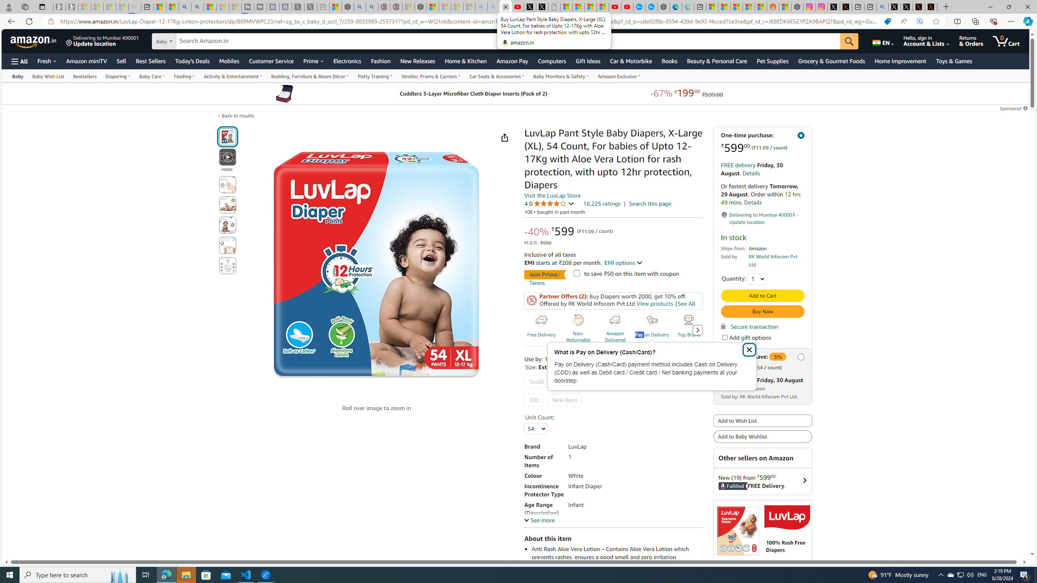 This screenshot has width=1037, height=583. Describe the element at coordinates (895, 6) in the screenshot. I see `'Profile / X'` at that location.